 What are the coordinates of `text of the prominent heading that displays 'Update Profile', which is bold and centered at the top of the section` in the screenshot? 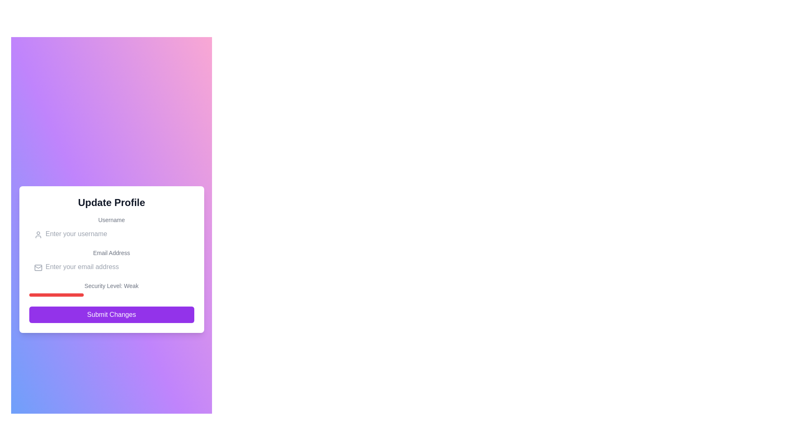 It's located at (111, 203).